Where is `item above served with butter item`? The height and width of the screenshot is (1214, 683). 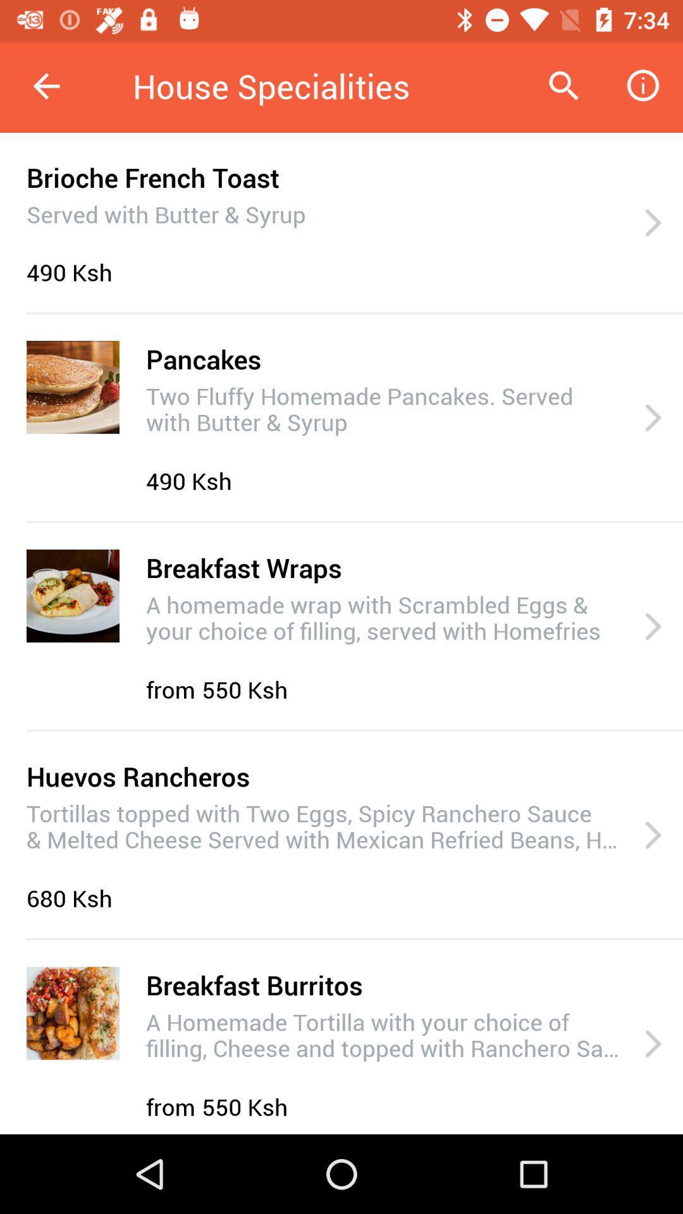 item above served with butter item is located at coordinates (152, 176).